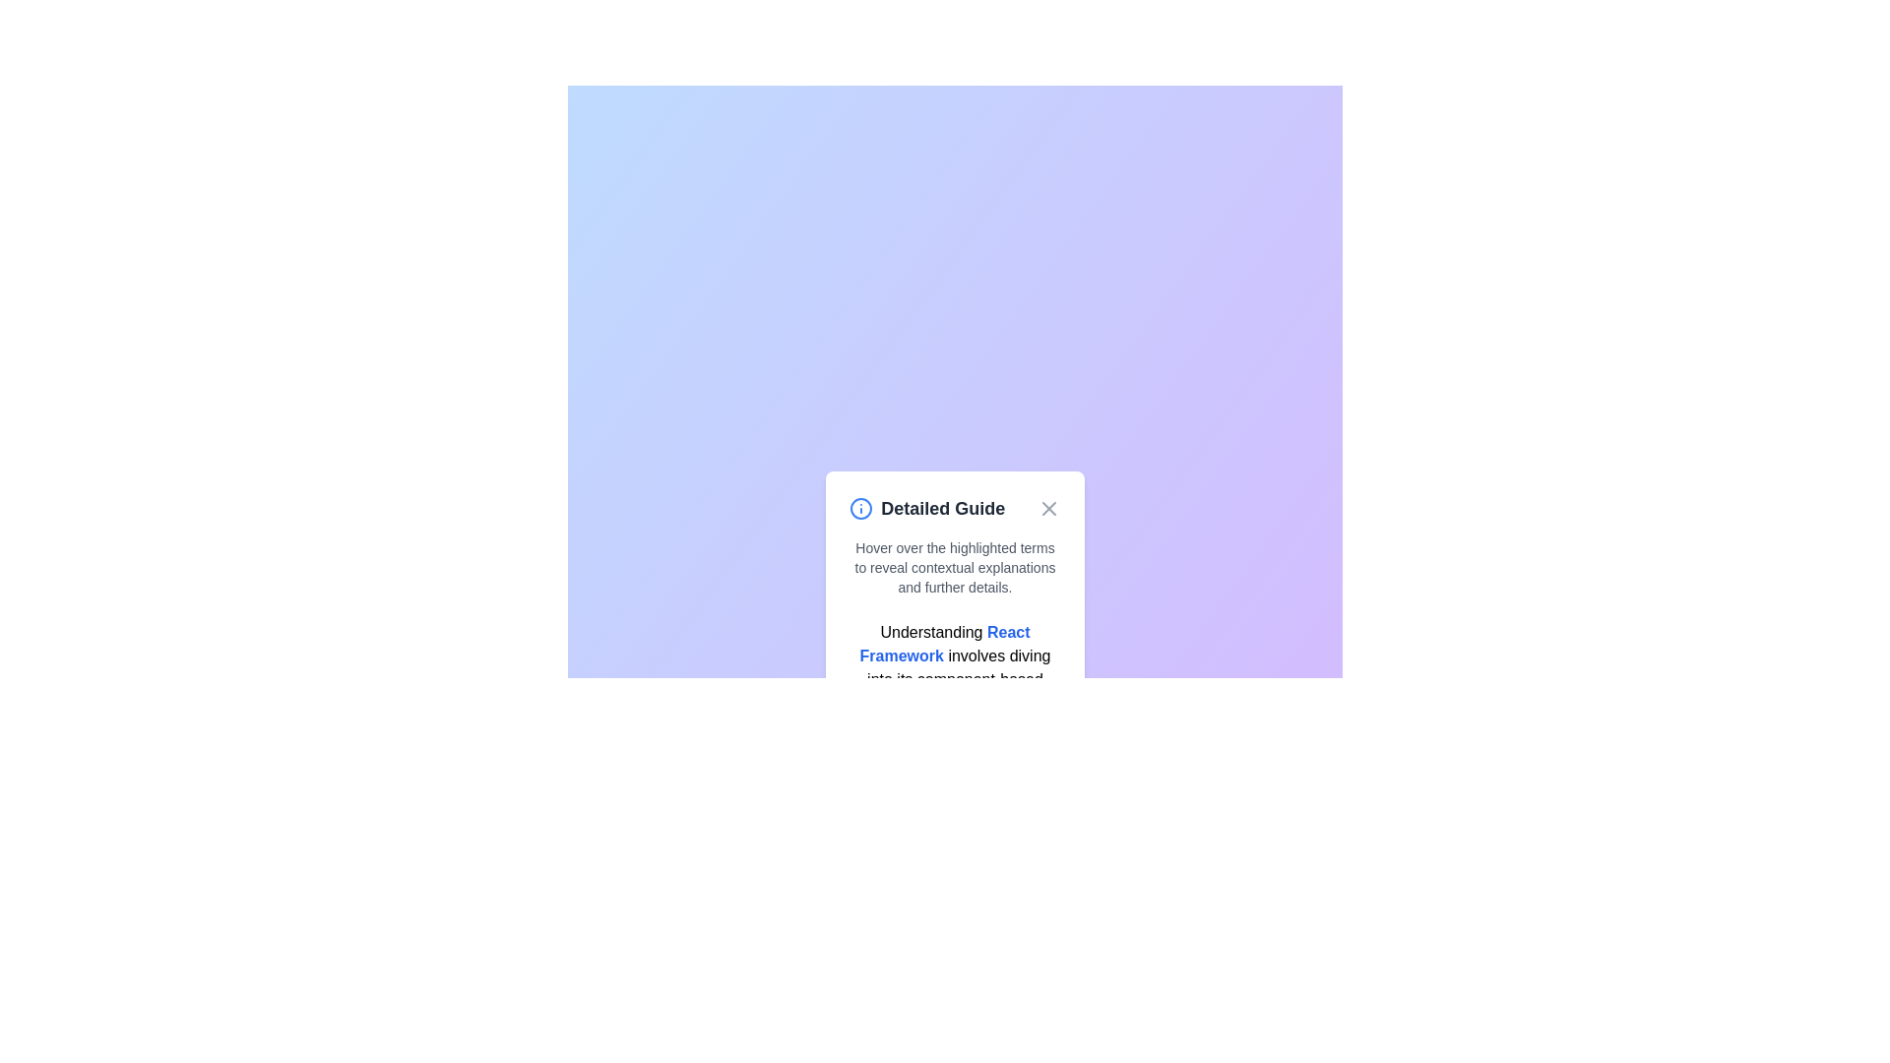  What do you see at coordinates (1047, 507) in the screenshot?
I see `the 'X' icon in the top-right corner of the 'Detailed Guide' modal` at bounding box center [1047, 507].